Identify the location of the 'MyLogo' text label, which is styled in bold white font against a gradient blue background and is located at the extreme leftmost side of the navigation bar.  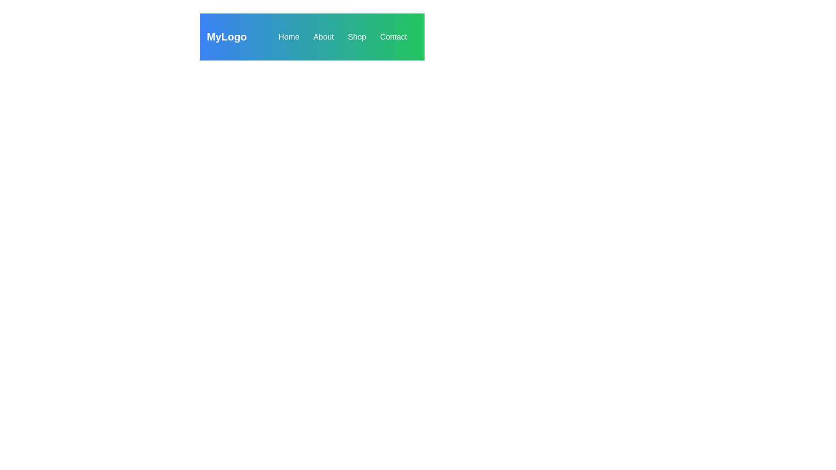
(226, 36).